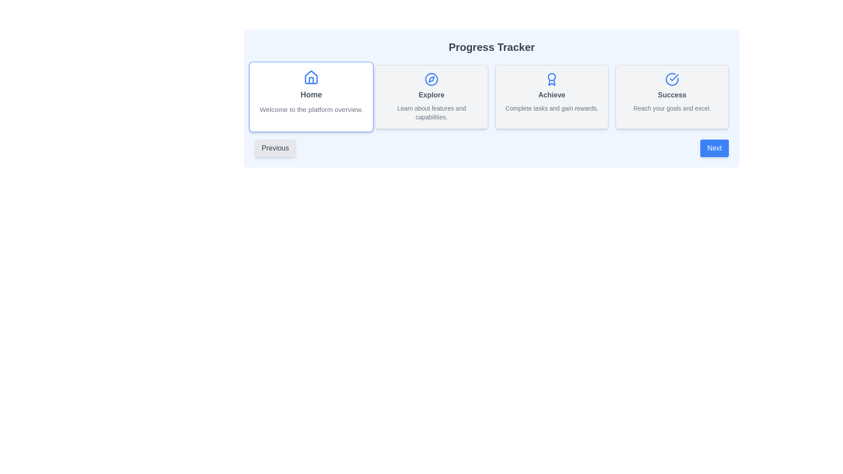  What do you see at coordinates (672, 108) in the screenshot?
I see `the static text label that provides additional context for the 'Success' card, positioned in the bottom right section below the heading 'Success'` at bounding box center [672, 108].